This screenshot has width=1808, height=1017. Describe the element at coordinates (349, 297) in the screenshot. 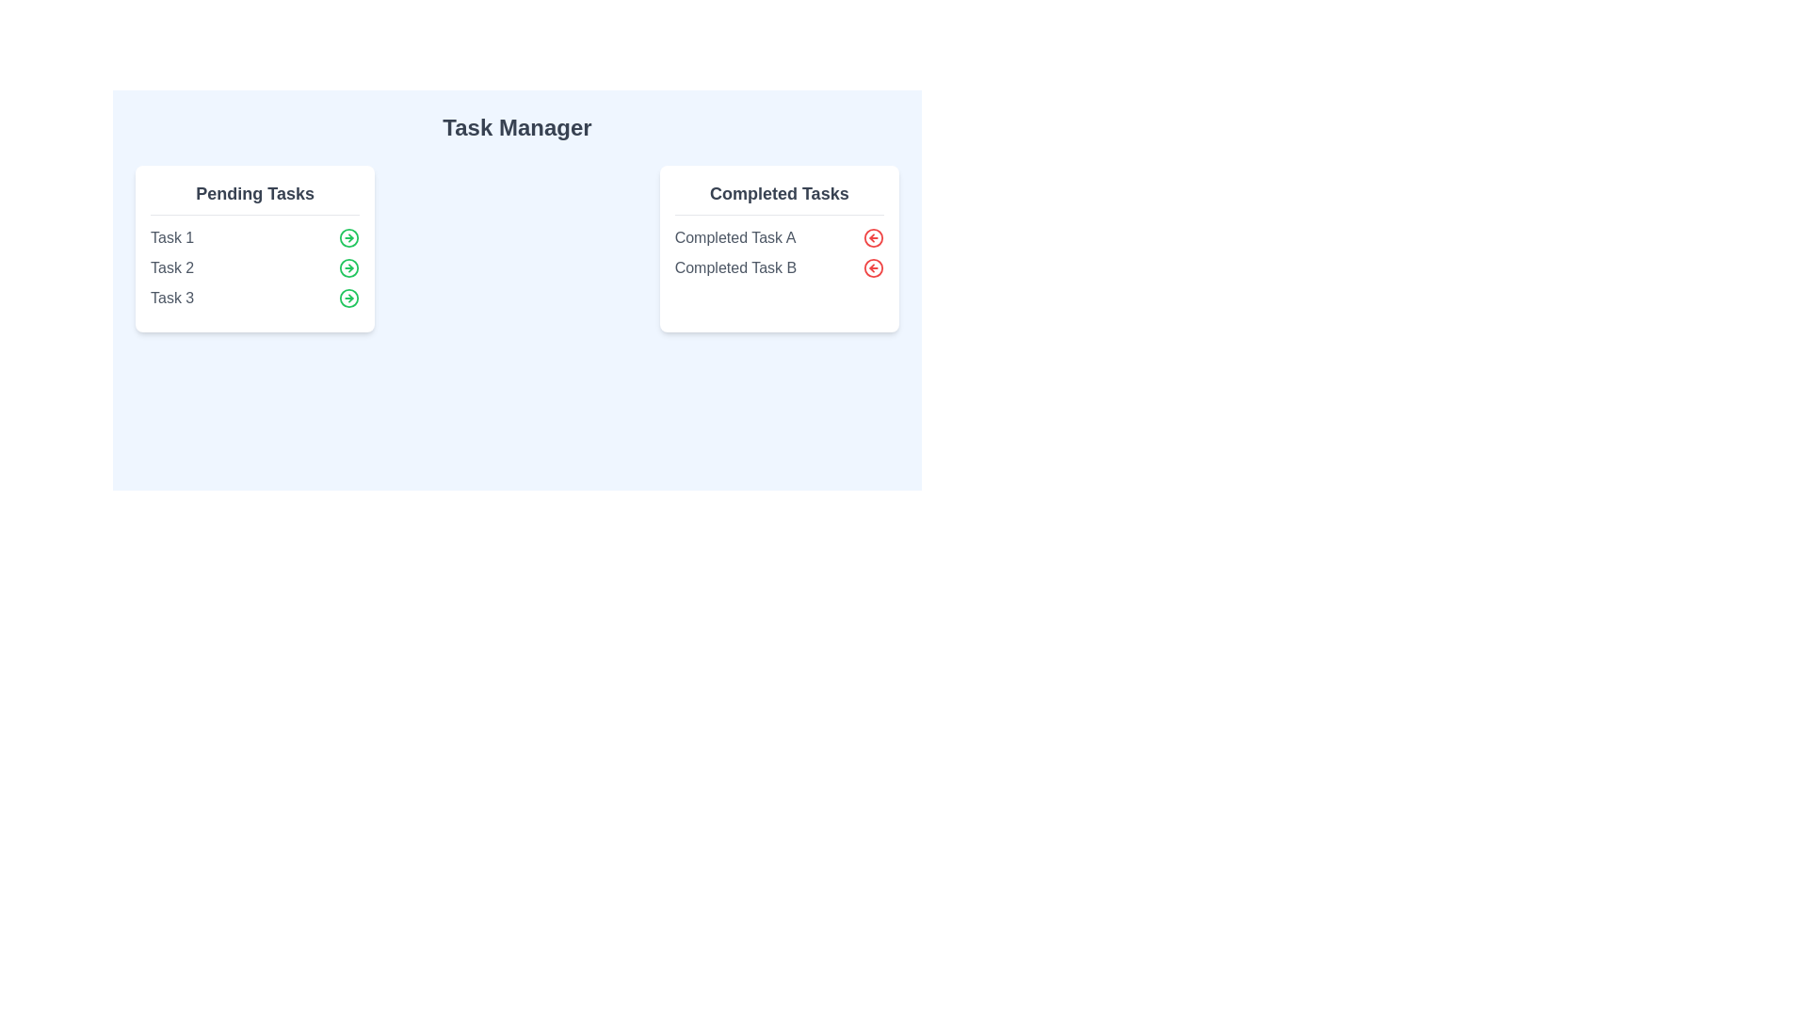

I see `green arrow button for the task labeled Task 3 to transfer it to 'Completed Tasks'` at that location.